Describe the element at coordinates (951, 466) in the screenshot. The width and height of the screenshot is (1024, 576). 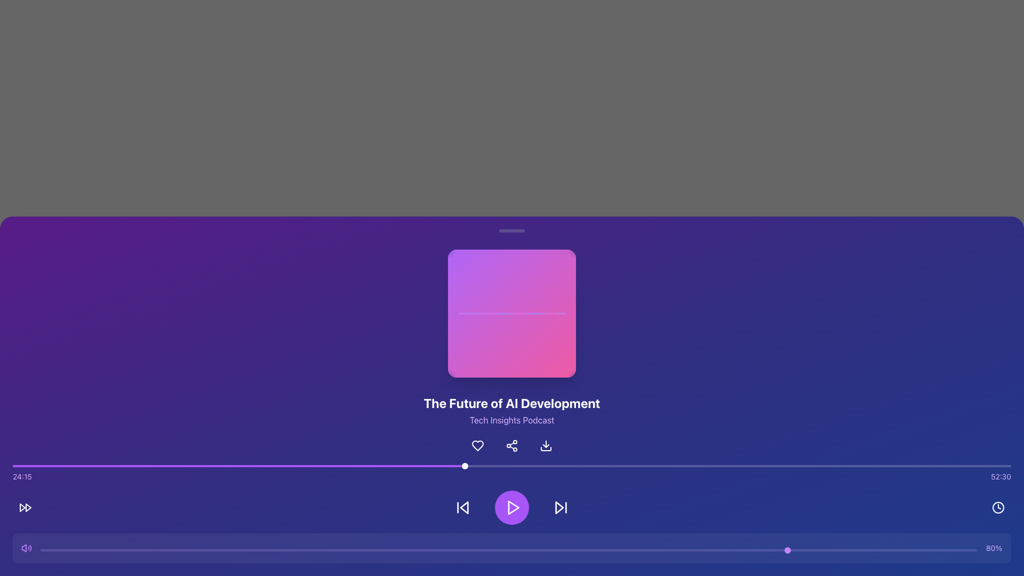
I see `progress` at that location.